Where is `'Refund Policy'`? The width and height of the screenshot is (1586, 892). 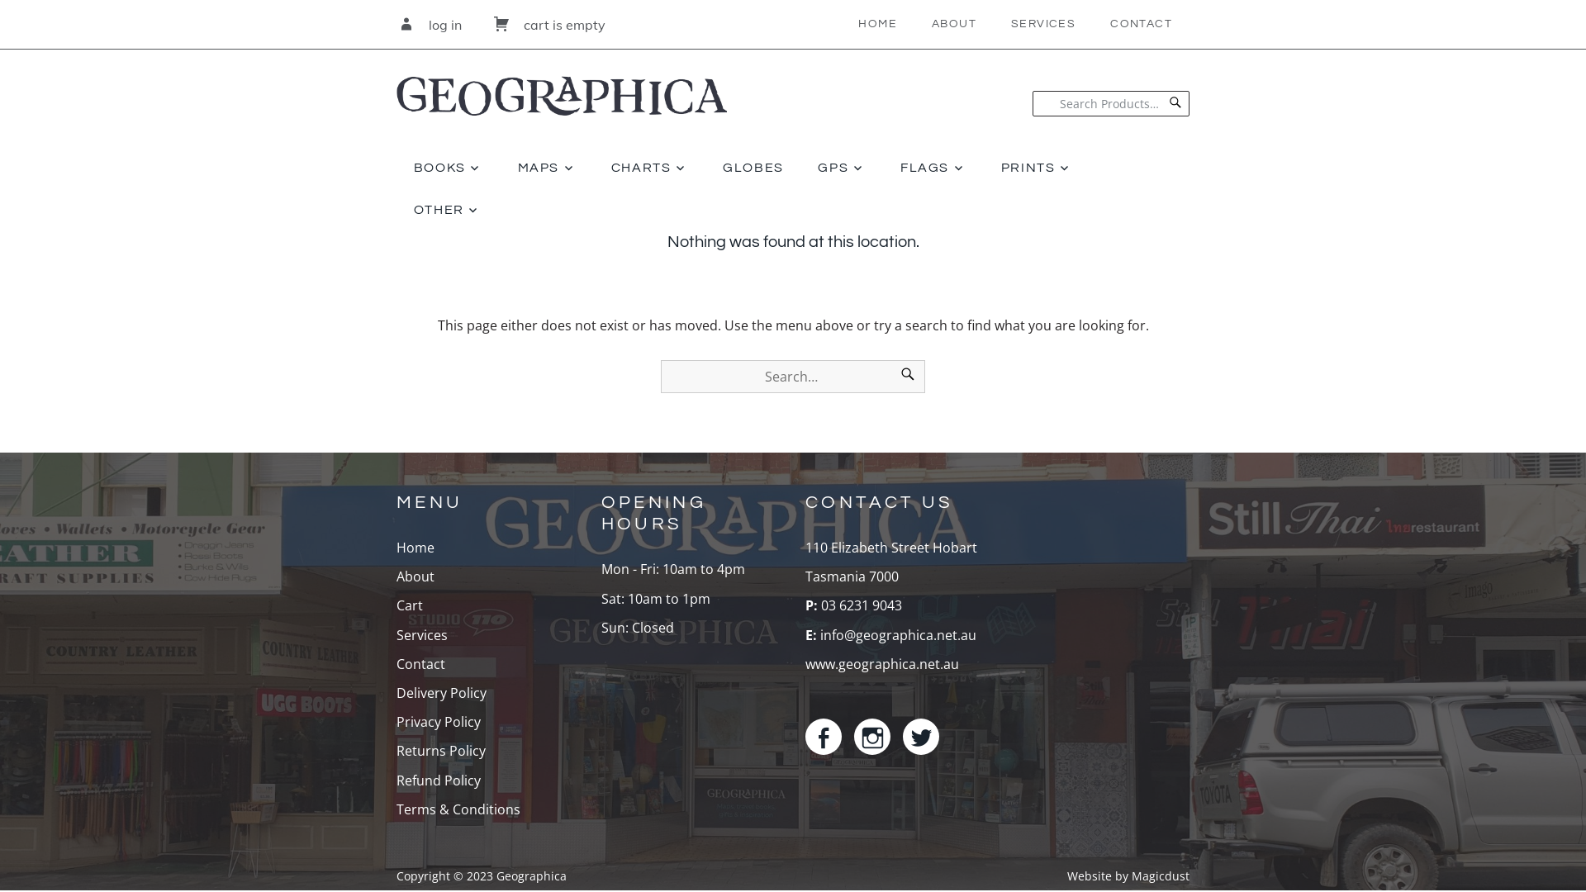
'Refund Policy' is located at coordinates (439, 780).